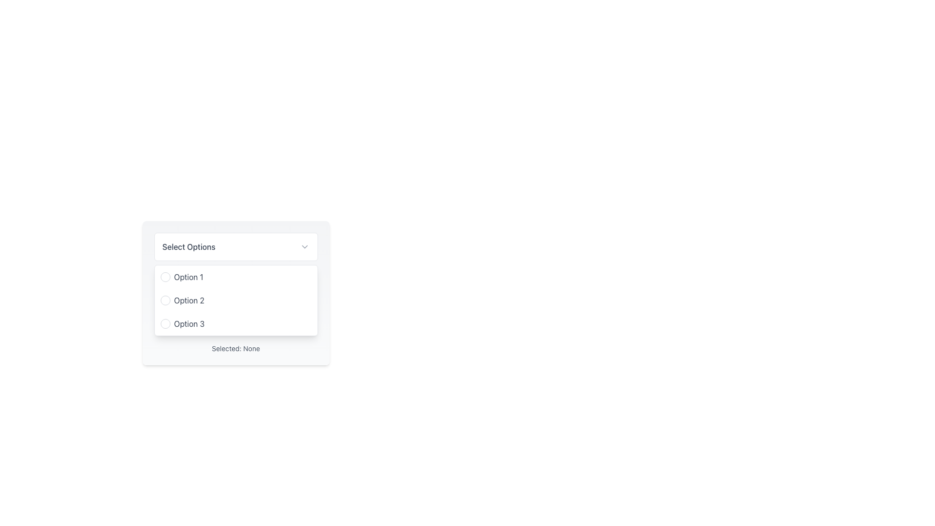  I want to click on the radio button located to the left of the text 'Option 1', so click(165, 277).